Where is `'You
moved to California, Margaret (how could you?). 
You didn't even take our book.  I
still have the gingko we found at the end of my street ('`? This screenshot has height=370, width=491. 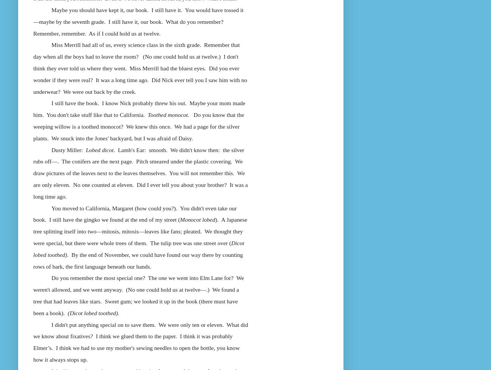 'You
moved to California, Margaret (how could you?). 
You didn't even take our book.  I
still have the gingko we found at the end of my street (' is located at coordinates (135, 213).